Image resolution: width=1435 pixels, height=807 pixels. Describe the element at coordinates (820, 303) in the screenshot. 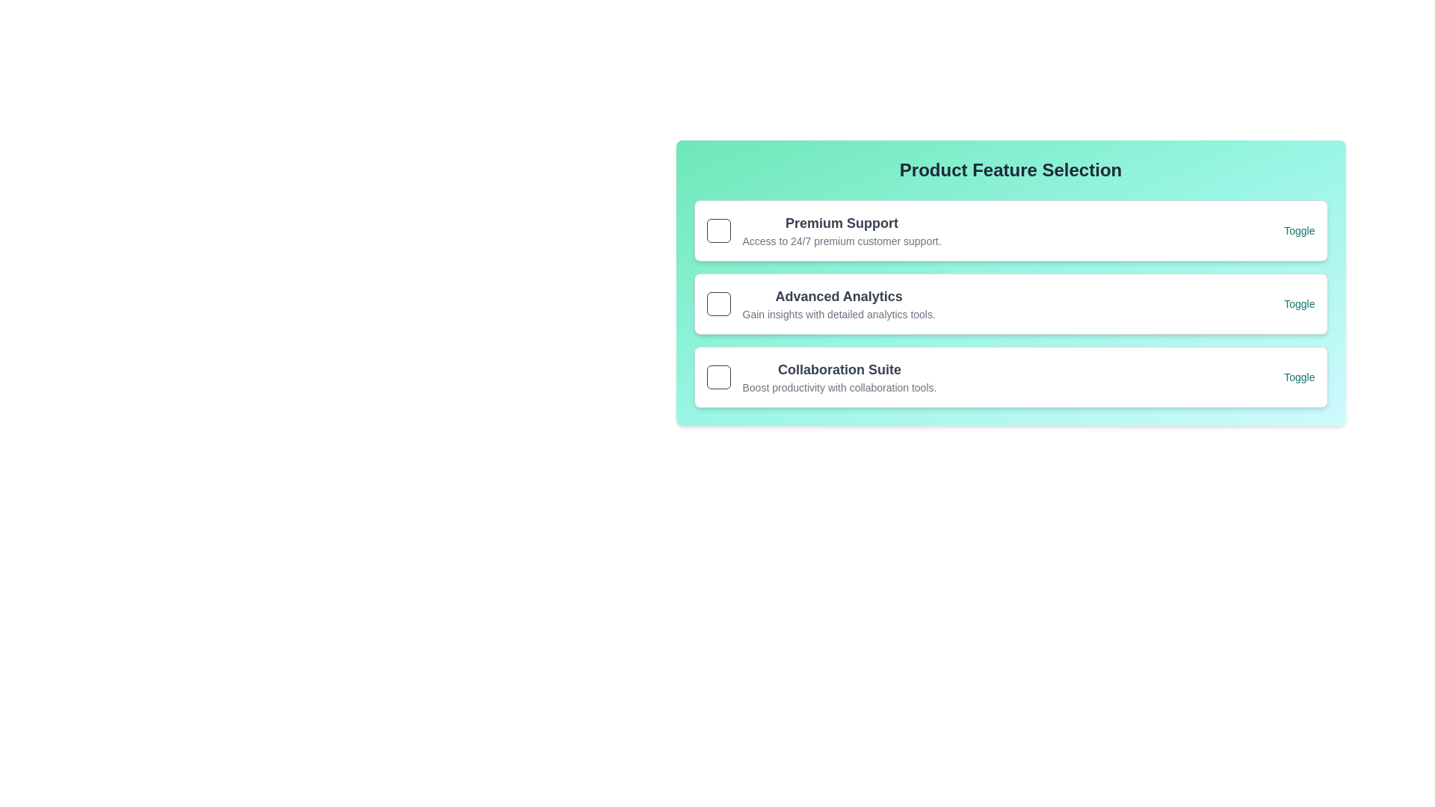

I see `the checkbox associated with the 'Advanced Analytics' feature in the feature selection list` at that location.